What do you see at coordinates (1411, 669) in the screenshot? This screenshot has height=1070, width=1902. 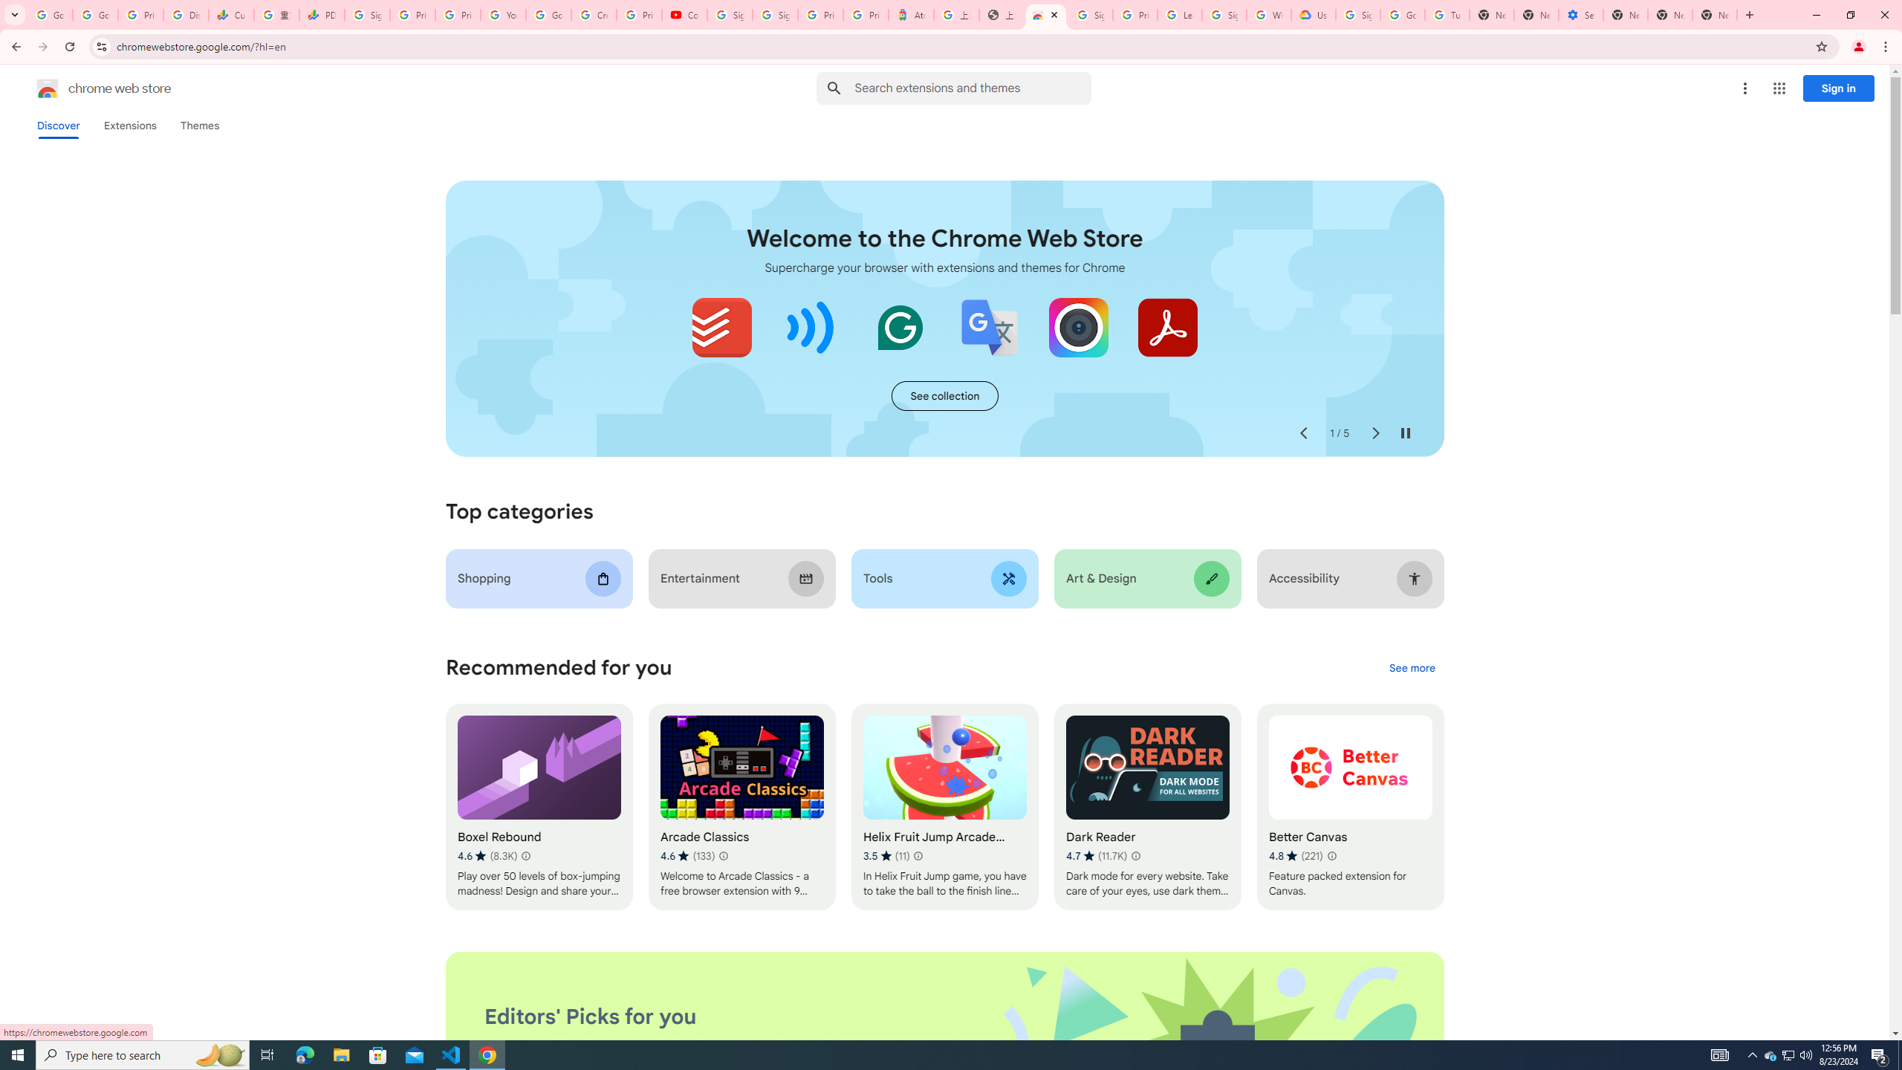 I see `'See more personalized recommendations'` at bounding box center [1411, 669].